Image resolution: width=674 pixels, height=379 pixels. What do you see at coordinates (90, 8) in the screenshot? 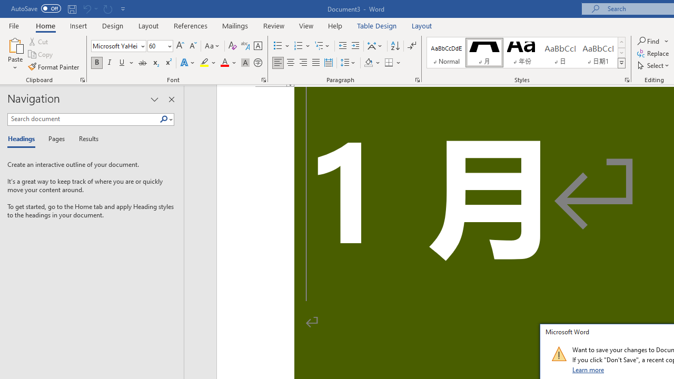
I see `'Can'` at bounding box center [90, 8].